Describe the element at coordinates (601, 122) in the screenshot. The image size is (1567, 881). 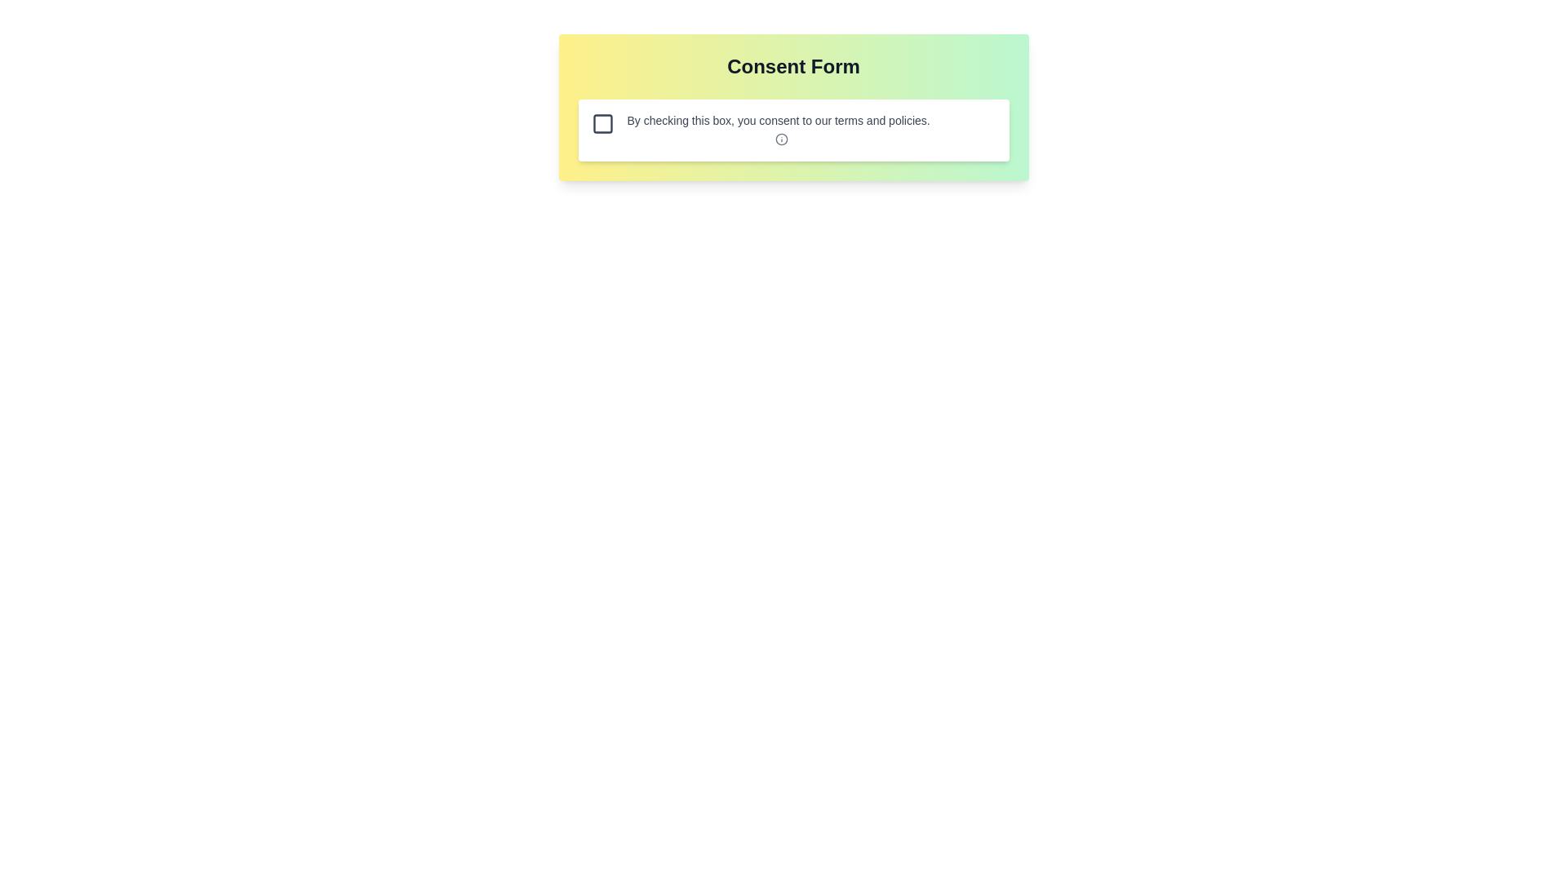
I see `the checkbox or interactive icon` at that location.